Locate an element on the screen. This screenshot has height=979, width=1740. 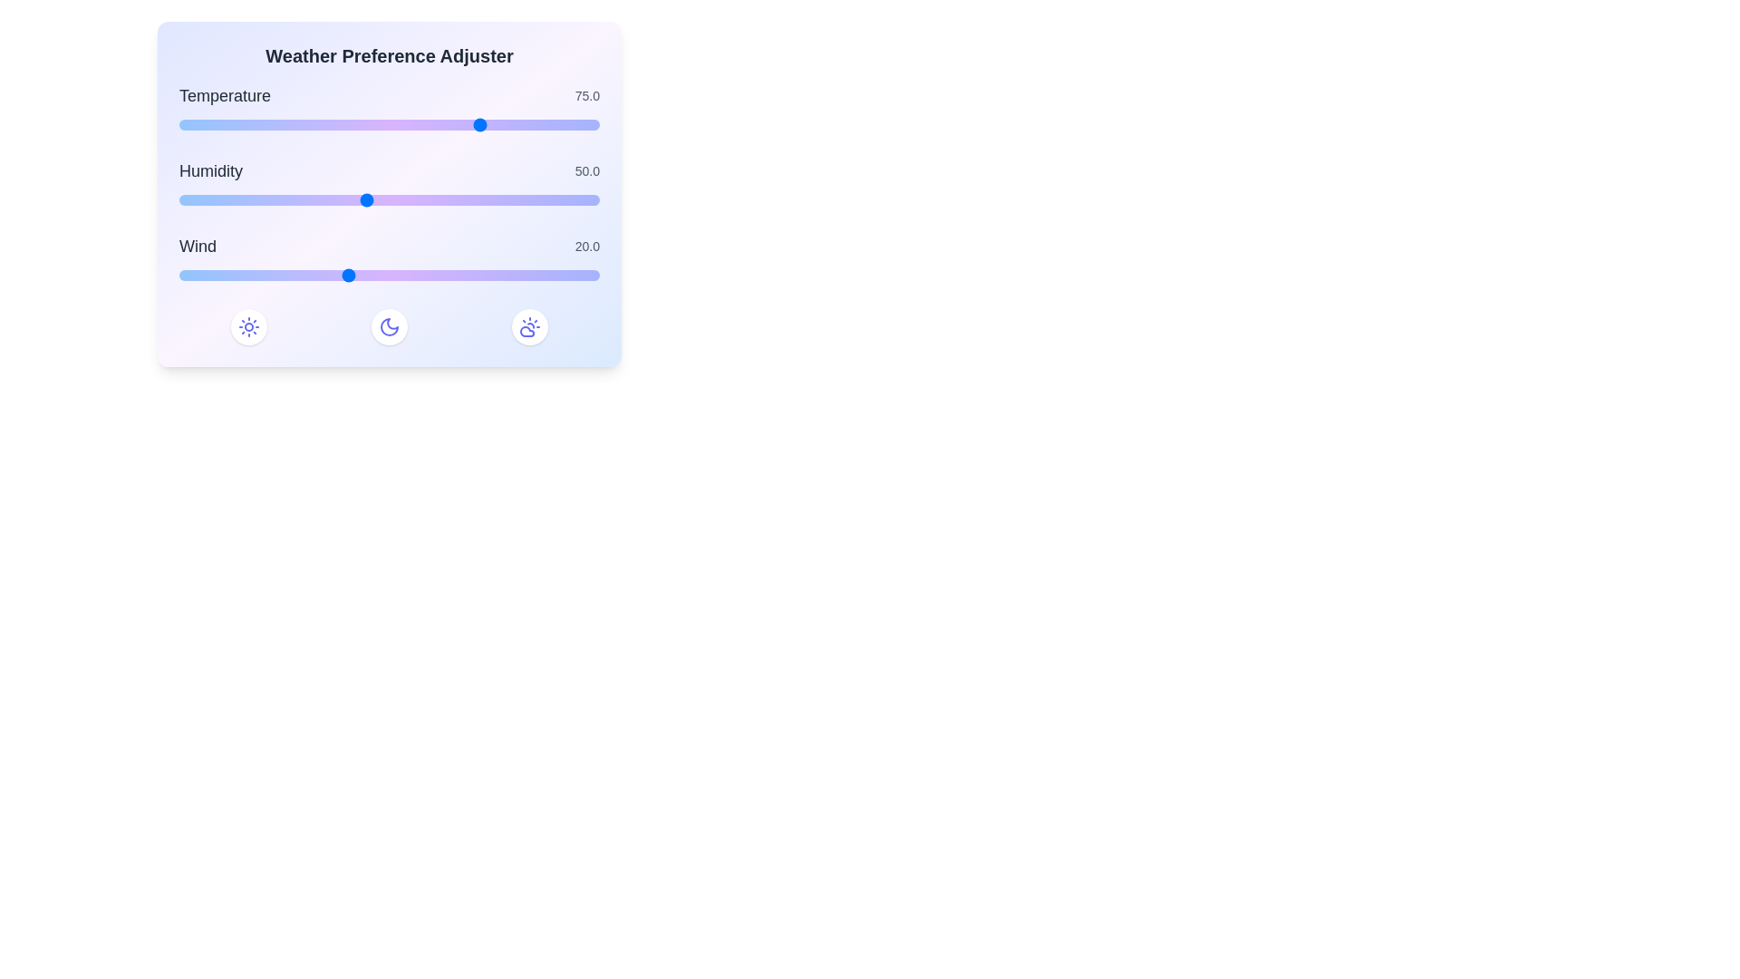
the descriptive heading text label at the top center of the card that informs the user about weather attributes like temperature, humidity, and wind is located at coordinates (389, 54).